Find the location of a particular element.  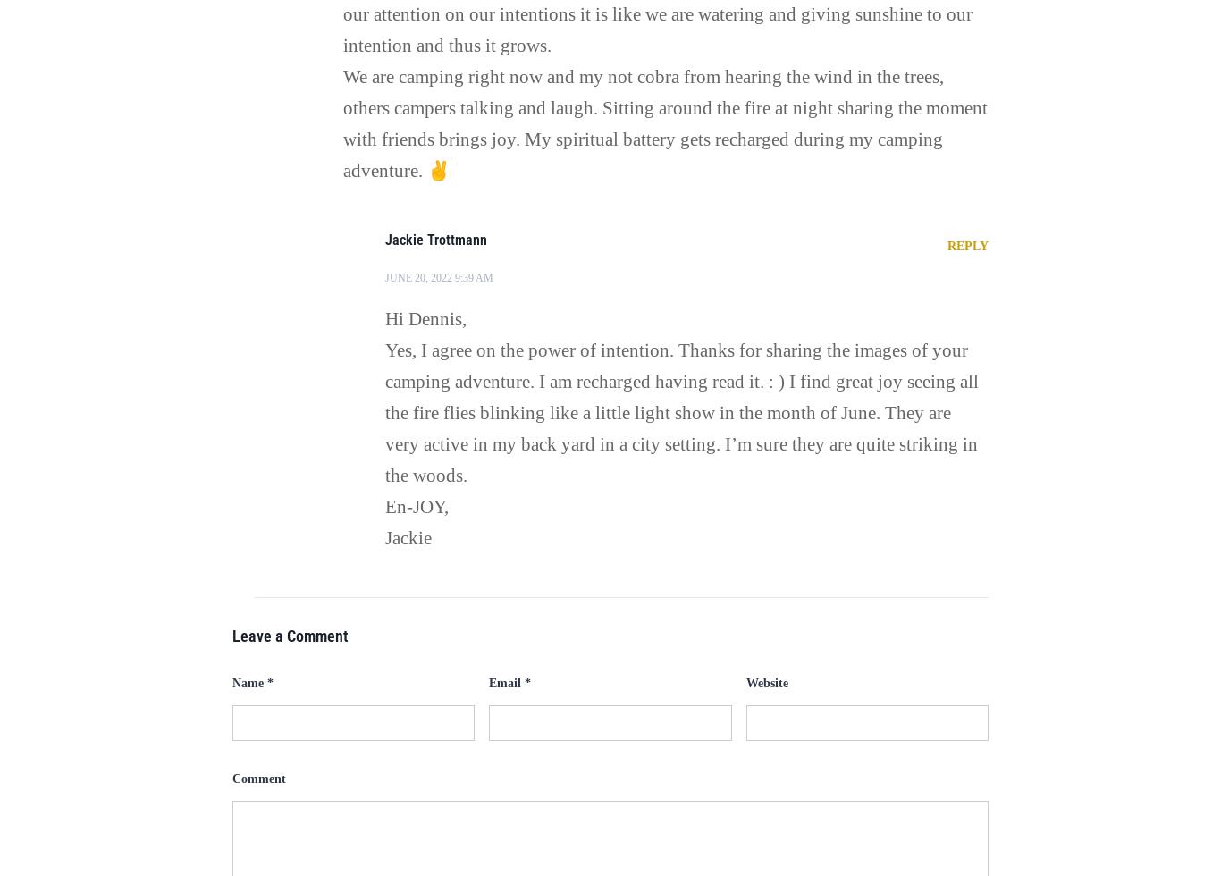

'En-JOY,' is located at coordinates (417, 506).